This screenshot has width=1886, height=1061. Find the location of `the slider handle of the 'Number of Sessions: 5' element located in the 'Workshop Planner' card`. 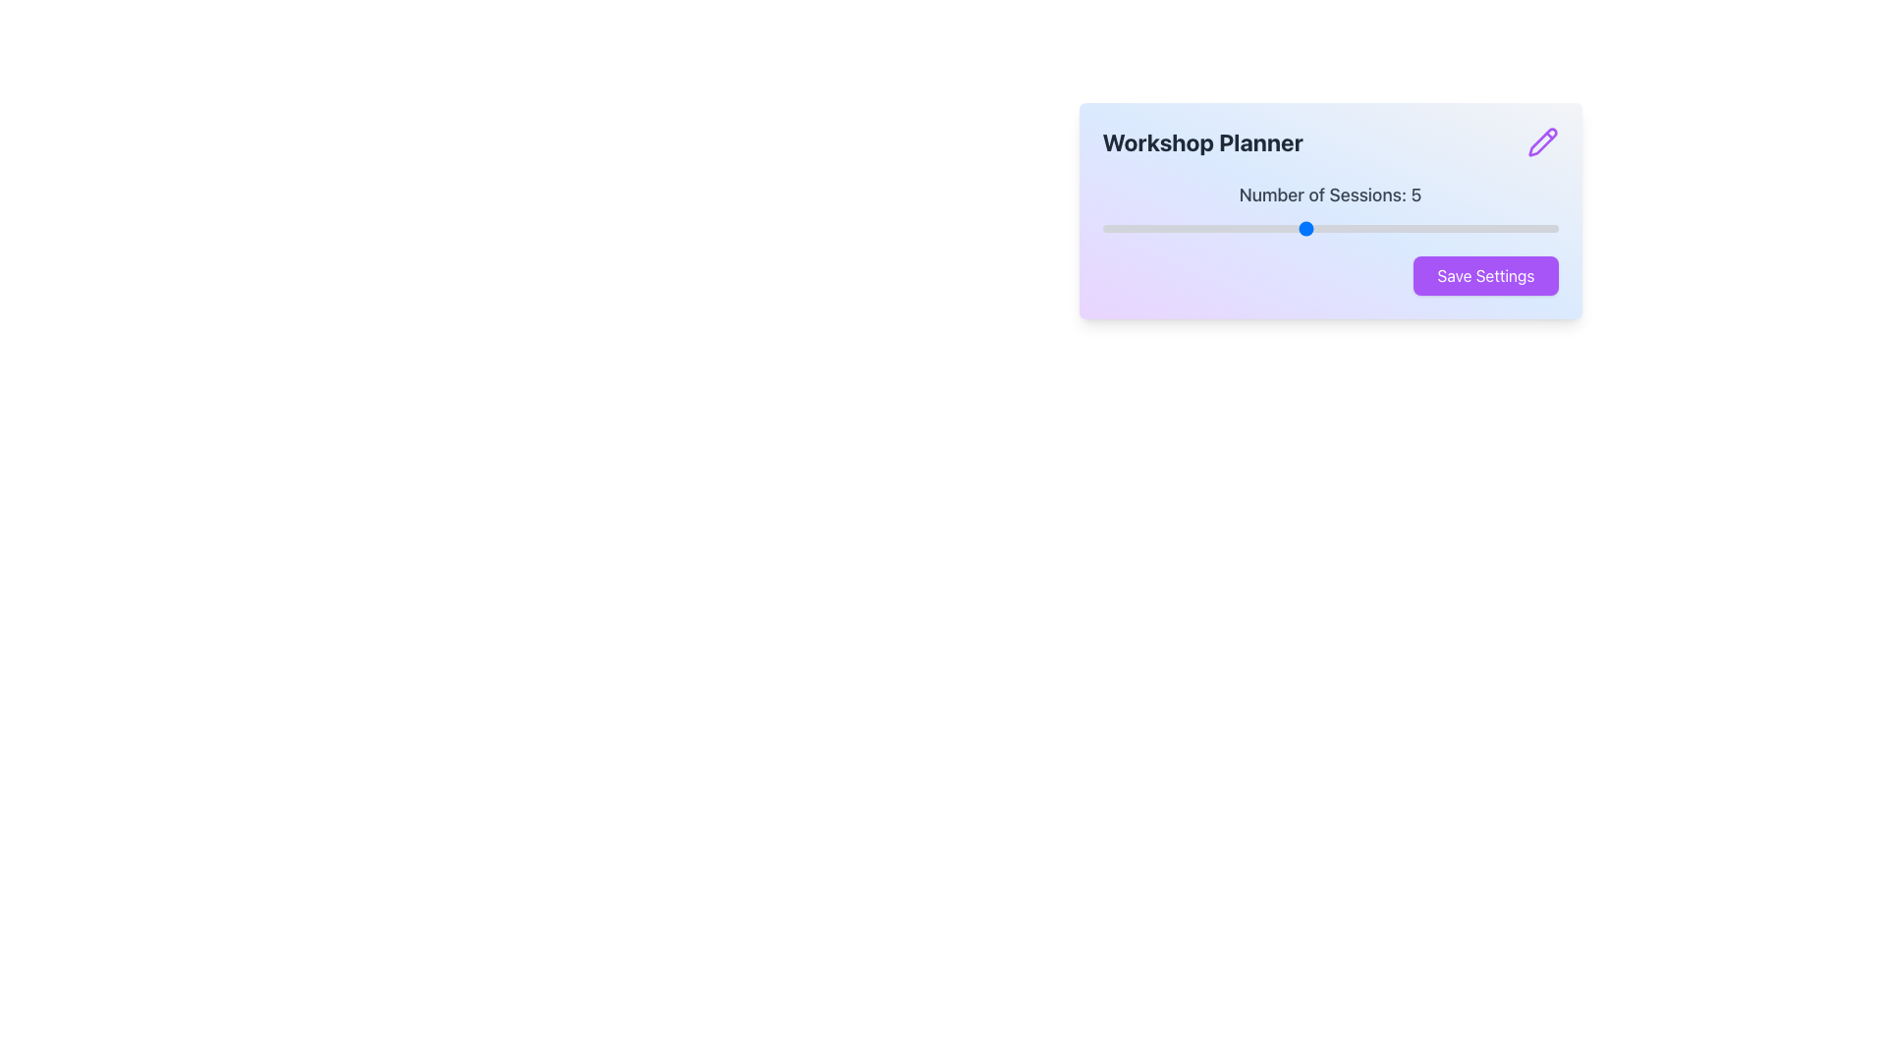

the slider handle of the 'Number of Sessions: 5' element located in the 'Workshop Planner' card is located at coordinates (1330, 207).